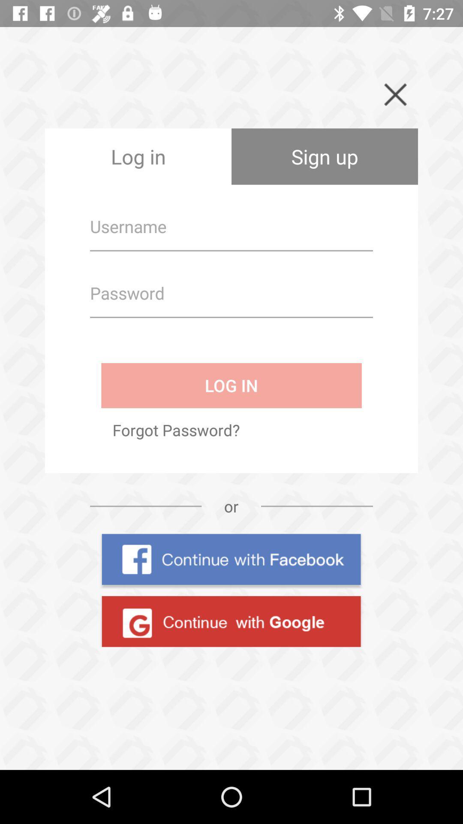 The image size is (463, 824). What do you see at coordinates (42, 741) in the screenshot?
I see `the star icon` at bounding box center [42, 741].